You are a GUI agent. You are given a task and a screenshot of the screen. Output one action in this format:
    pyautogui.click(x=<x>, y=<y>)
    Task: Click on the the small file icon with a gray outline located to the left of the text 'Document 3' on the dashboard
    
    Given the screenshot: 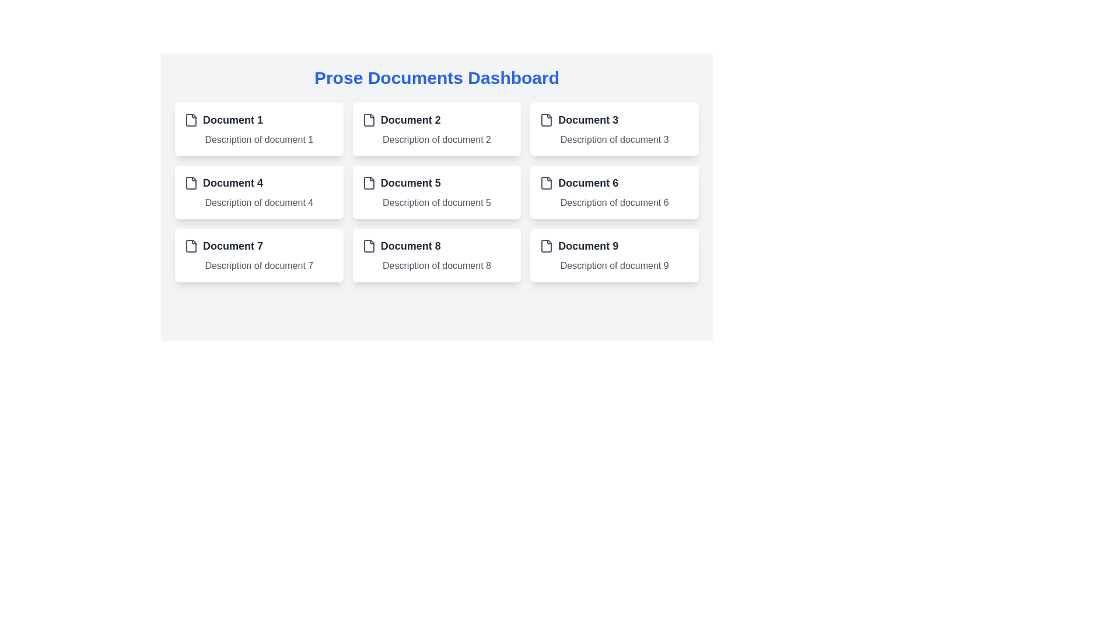 What is the action you would take?
    pyautogui.click(x=546, y=120)
    